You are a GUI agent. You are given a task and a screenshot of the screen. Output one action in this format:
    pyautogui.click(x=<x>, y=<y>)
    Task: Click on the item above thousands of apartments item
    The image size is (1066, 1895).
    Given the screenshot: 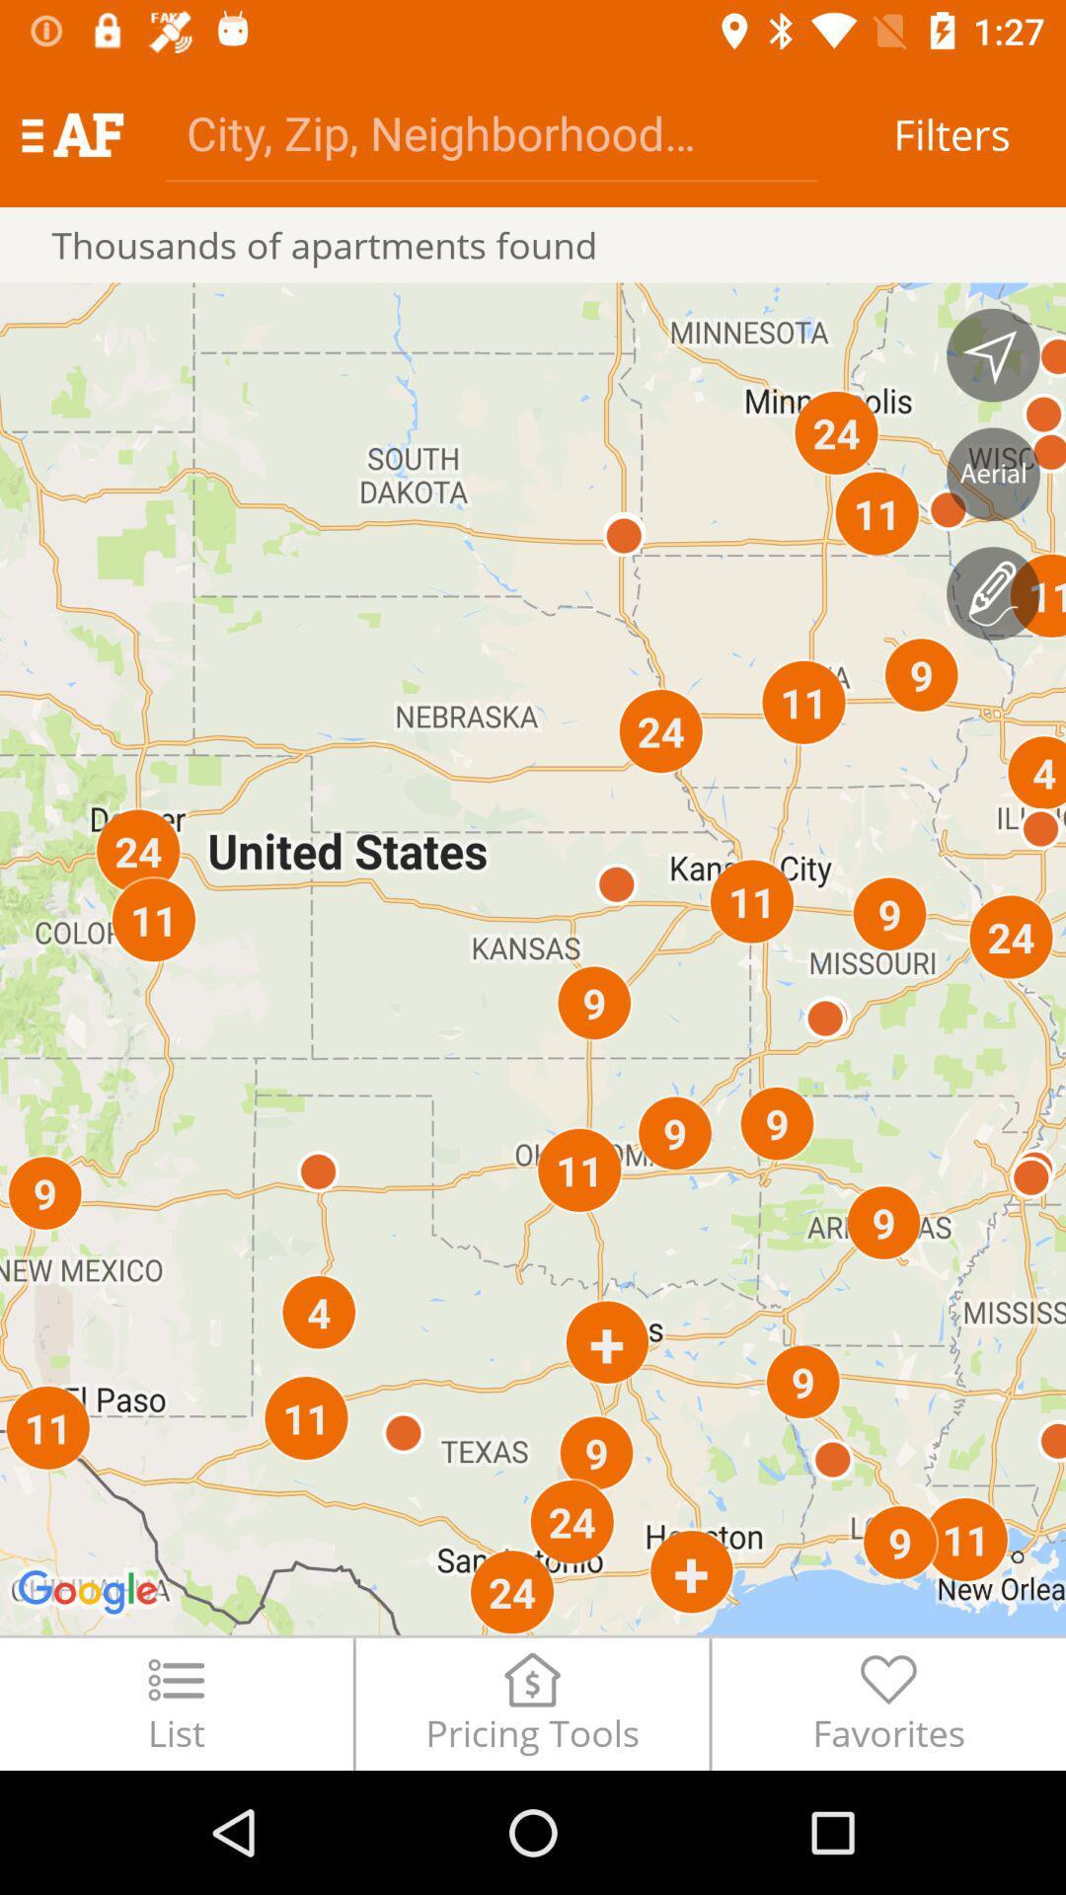 What is the action you would take?
    pyautogui.click(x=490, y=131)
    